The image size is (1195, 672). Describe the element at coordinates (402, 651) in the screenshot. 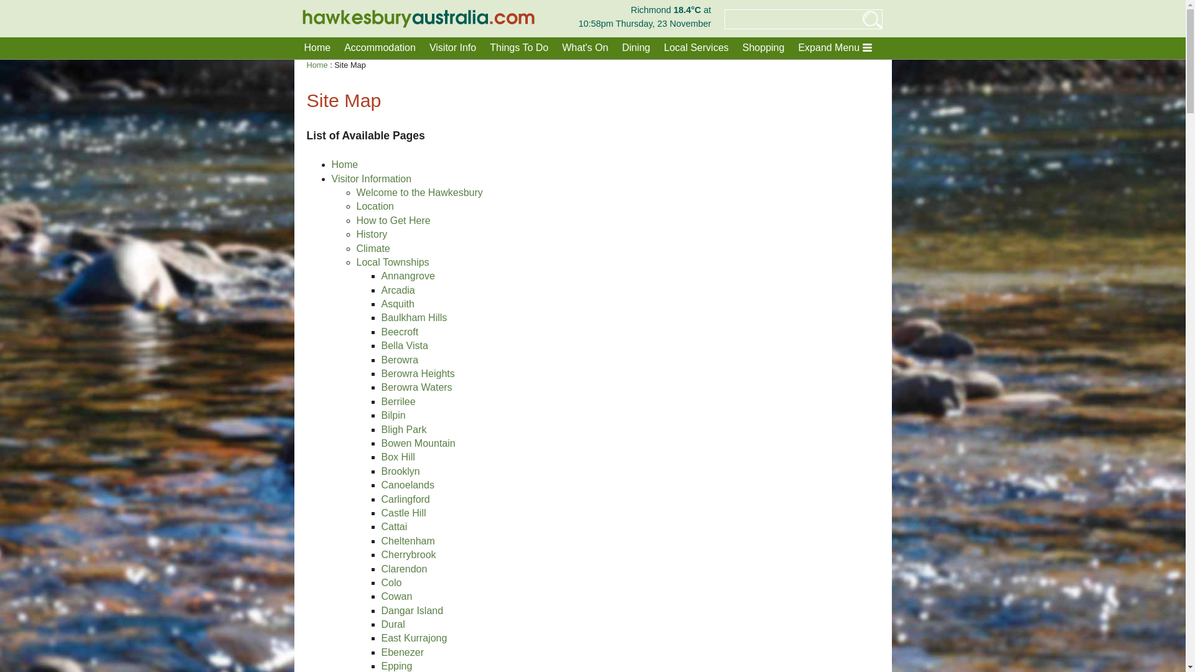

I see `'Ebenezer'` at that location.